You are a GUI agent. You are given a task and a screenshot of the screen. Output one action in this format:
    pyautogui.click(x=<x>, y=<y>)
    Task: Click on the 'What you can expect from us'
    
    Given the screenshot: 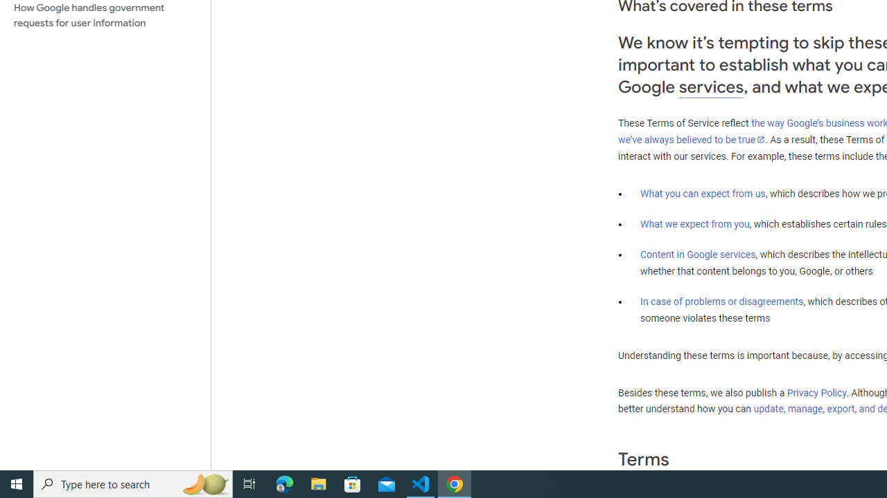 What is the action you would take?
    pyautogui.click(x=703, y=193)
    